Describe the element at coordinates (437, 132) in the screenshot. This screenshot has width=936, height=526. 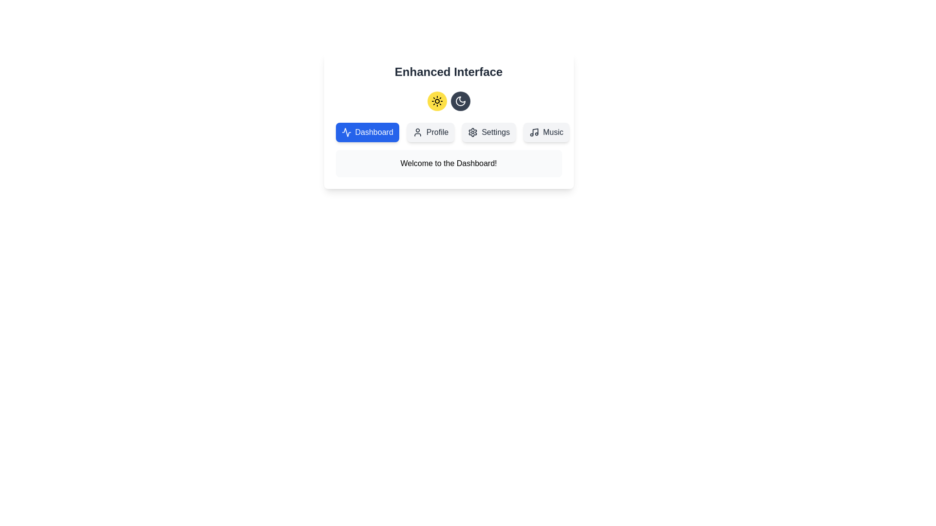
I see `the 'Profile' text label` at that location.